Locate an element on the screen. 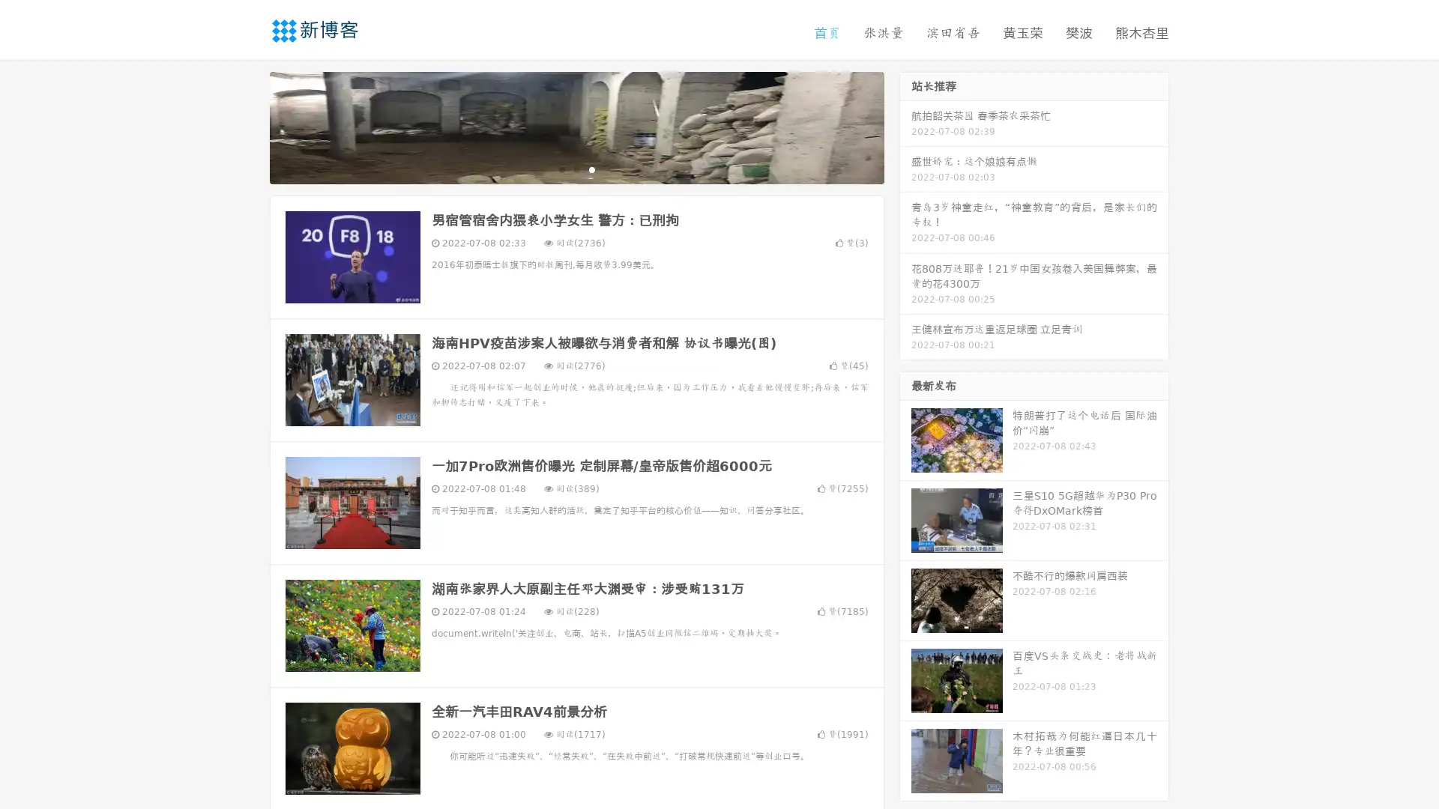 This screenshot has width=1439, height=809. Previous slide is located at coordinates (247, 126).